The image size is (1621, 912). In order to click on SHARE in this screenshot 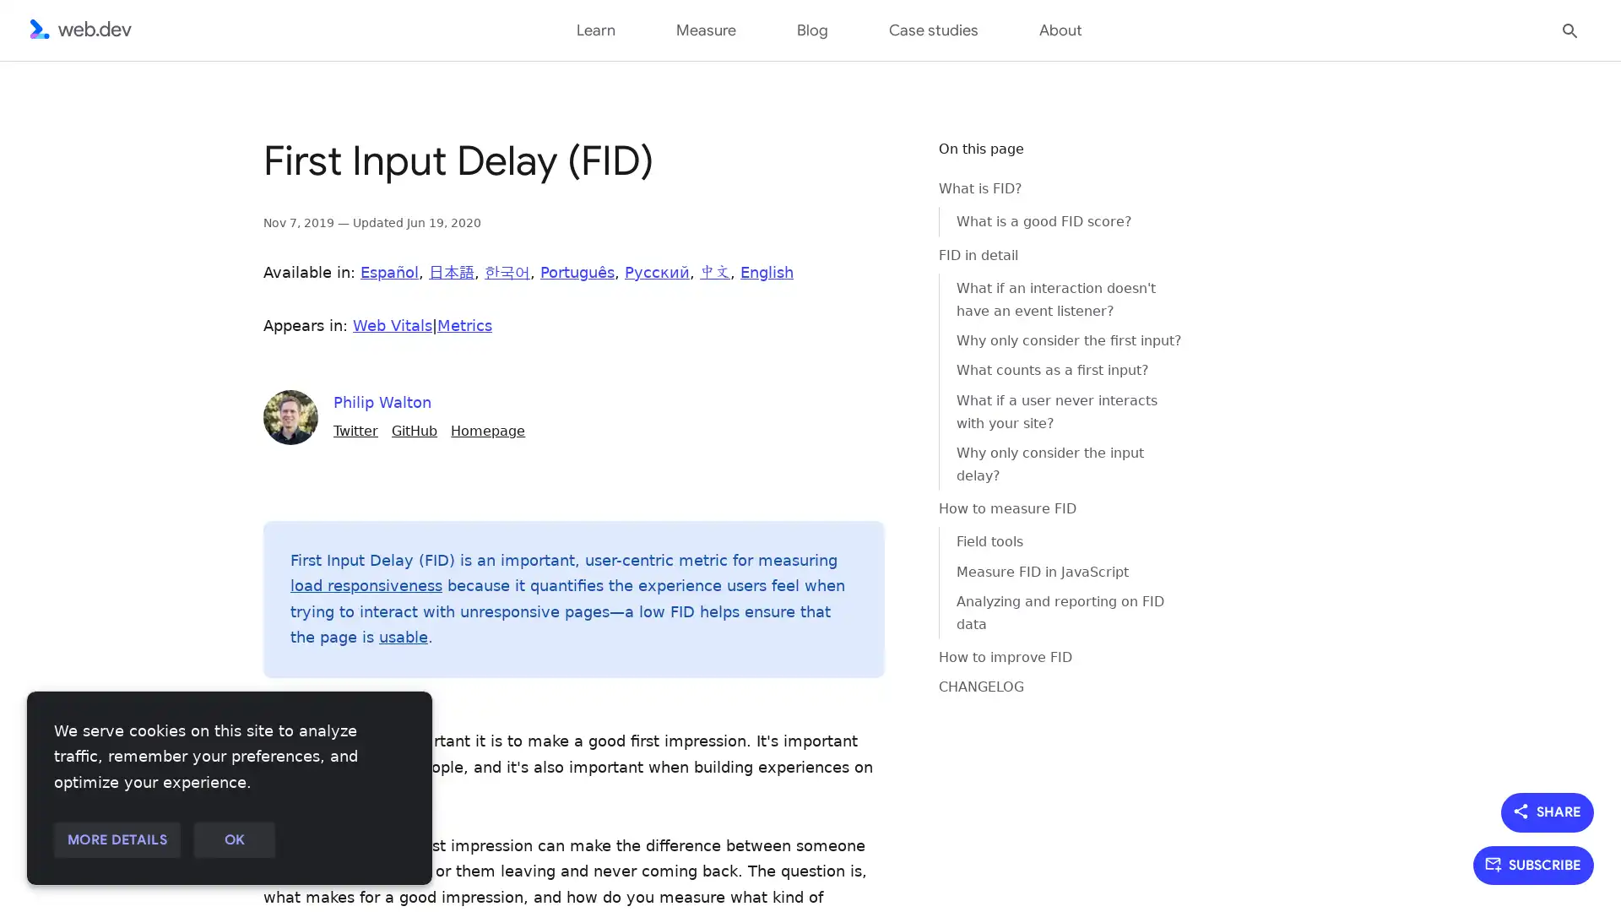, I will do `click(1548, 811)`.